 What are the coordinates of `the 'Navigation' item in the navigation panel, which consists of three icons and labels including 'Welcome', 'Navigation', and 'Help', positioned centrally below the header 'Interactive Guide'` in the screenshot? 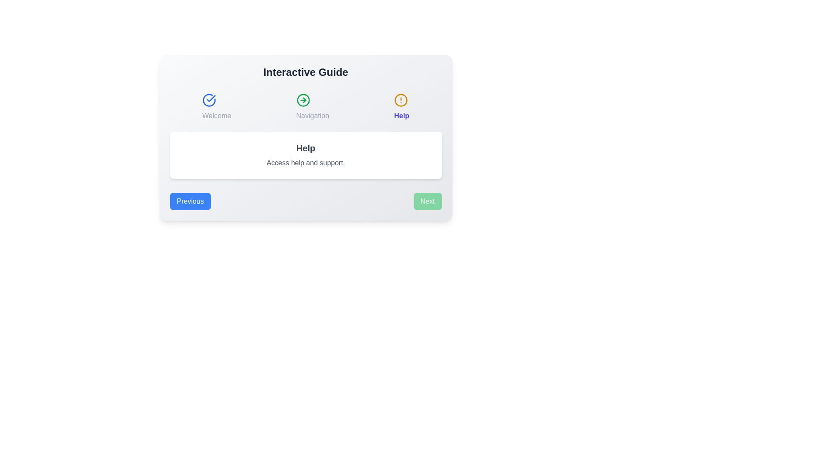 It's located at (306, 107).